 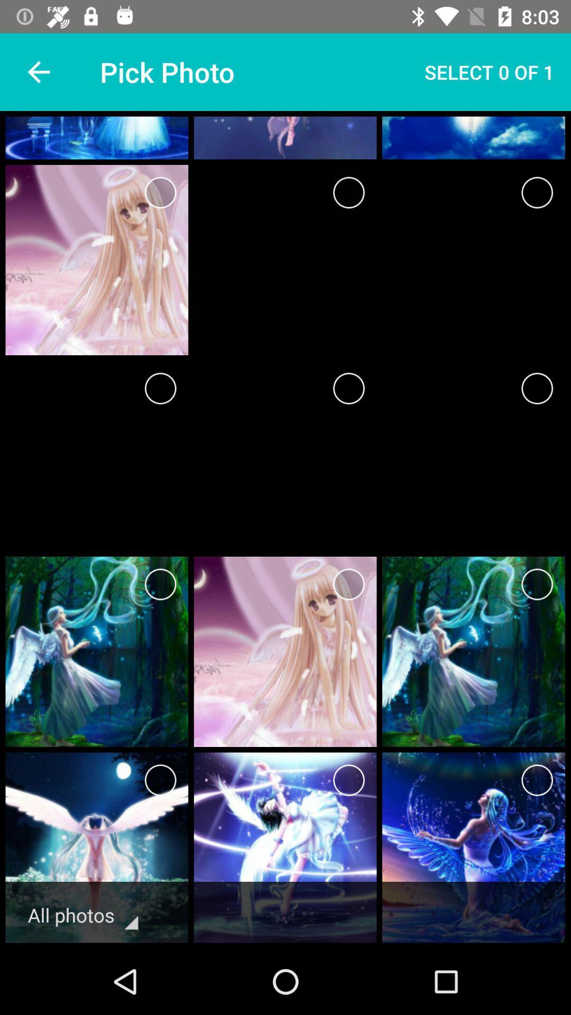 I want to click on this icon, so click(x=348, y=584).